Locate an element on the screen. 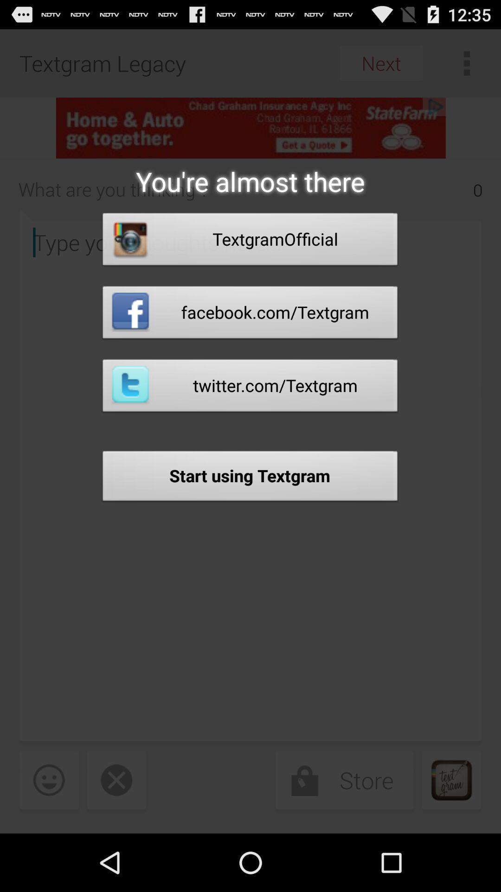 The image size is (501, 892). textgramofficial icon is located at coordinates (250, 242).